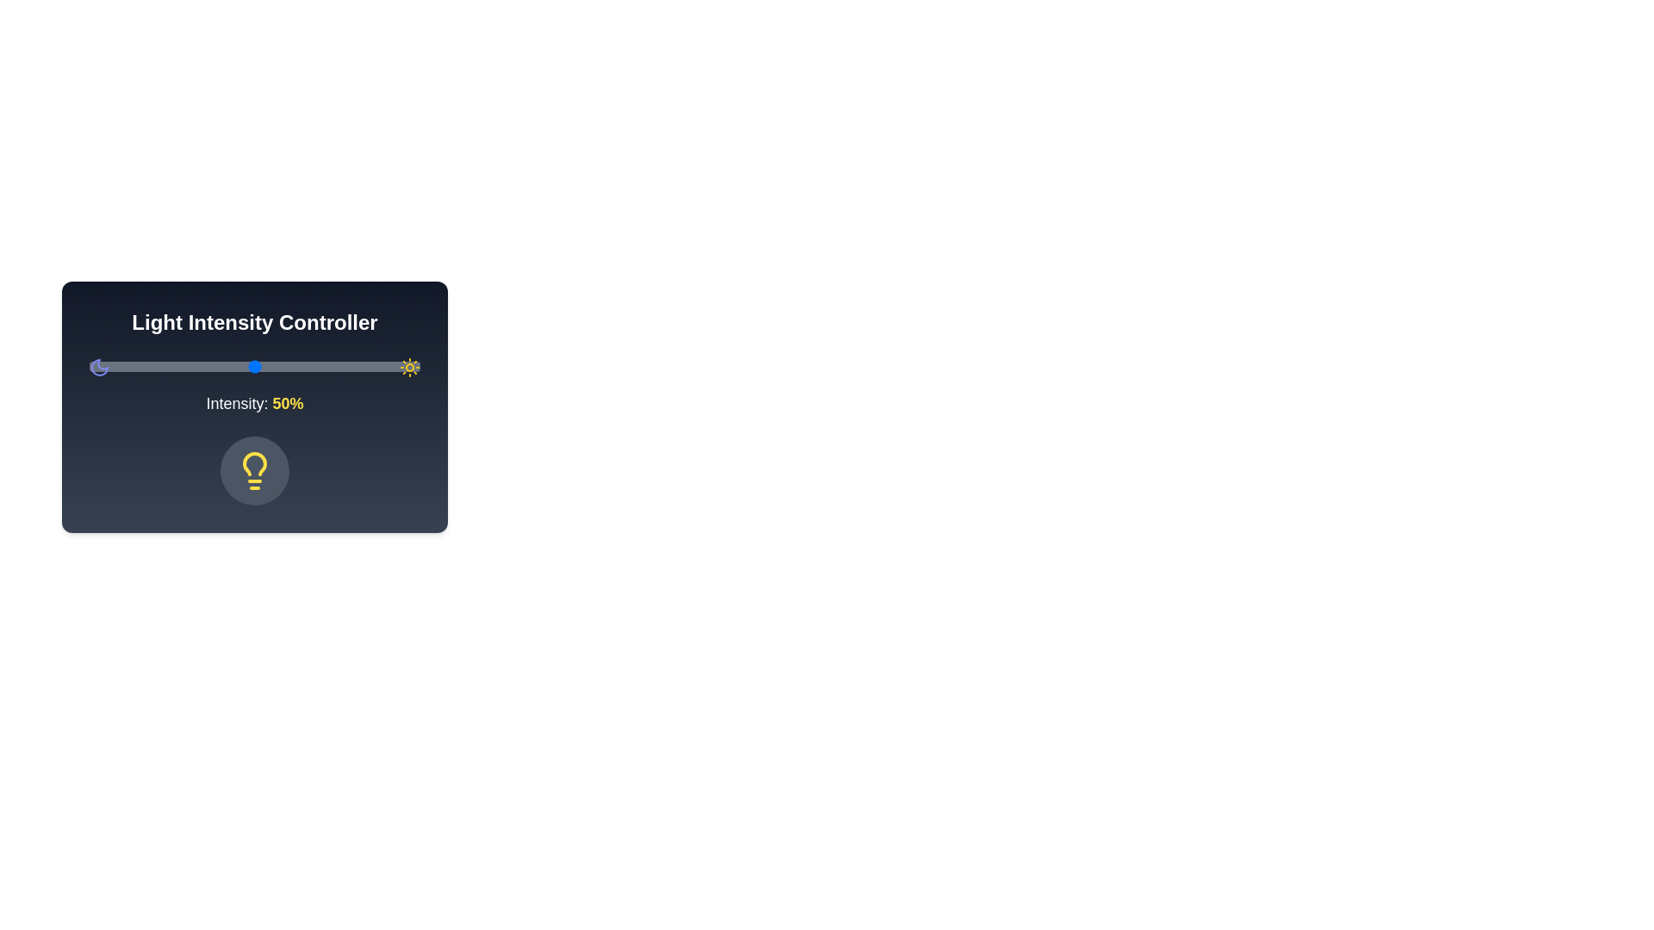 Image resolution: width=1654 pixels, height=930 pixels. Describe the element at coordinates (254, 471) in the screenshot. I see `the lightbulb icon to toggle its state` at that location.